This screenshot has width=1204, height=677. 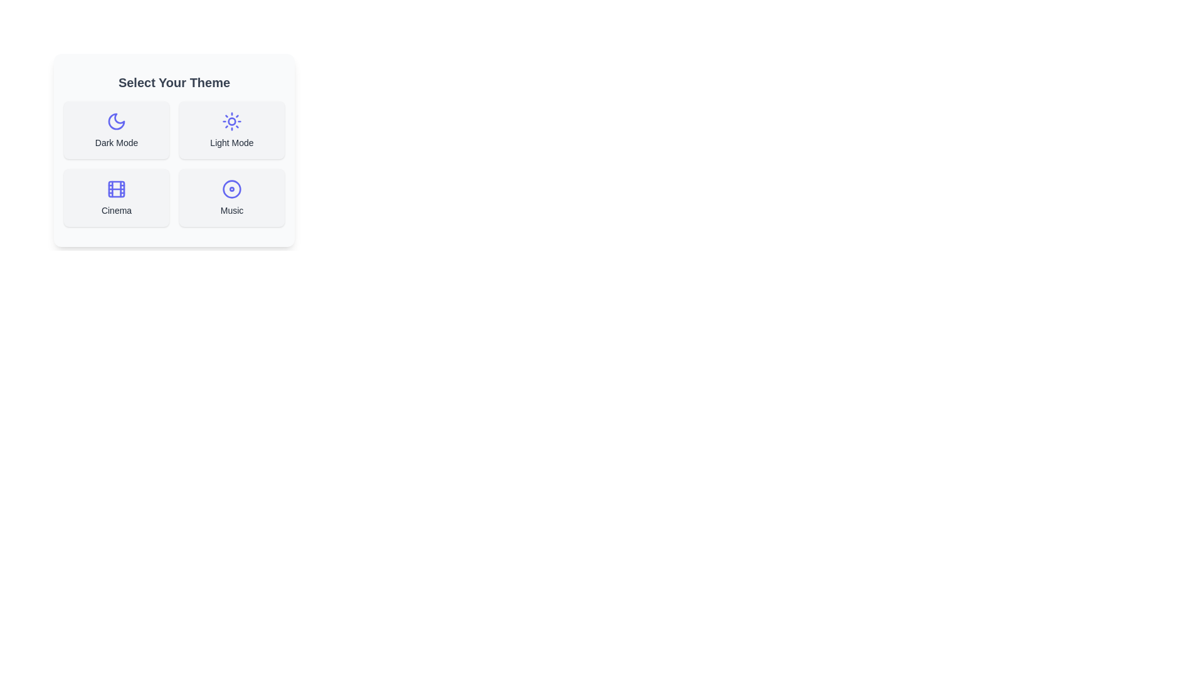 I want to click on the text label that identifies the 'Cinema' option, located at the bottom of the 'Cinema' card in the 'Select Your Theme' section, so click(x=117, y=209).